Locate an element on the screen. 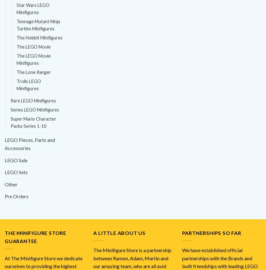  'Other' is located at coordinates (11, 184).